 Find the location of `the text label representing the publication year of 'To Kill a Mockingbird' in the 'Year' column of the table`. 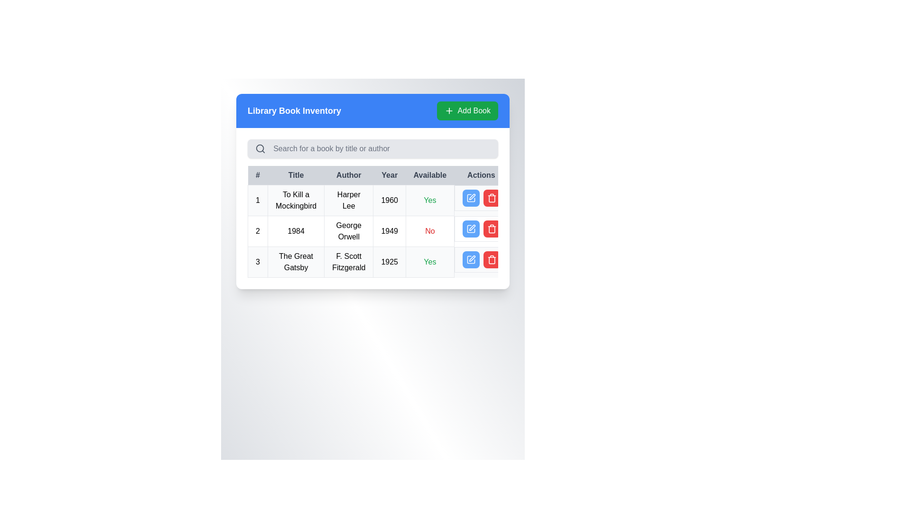

the text label representing the publication year of 'To Kill a Mockingbird' in the 'Year' column of the table is located at coordinates (390, 200).